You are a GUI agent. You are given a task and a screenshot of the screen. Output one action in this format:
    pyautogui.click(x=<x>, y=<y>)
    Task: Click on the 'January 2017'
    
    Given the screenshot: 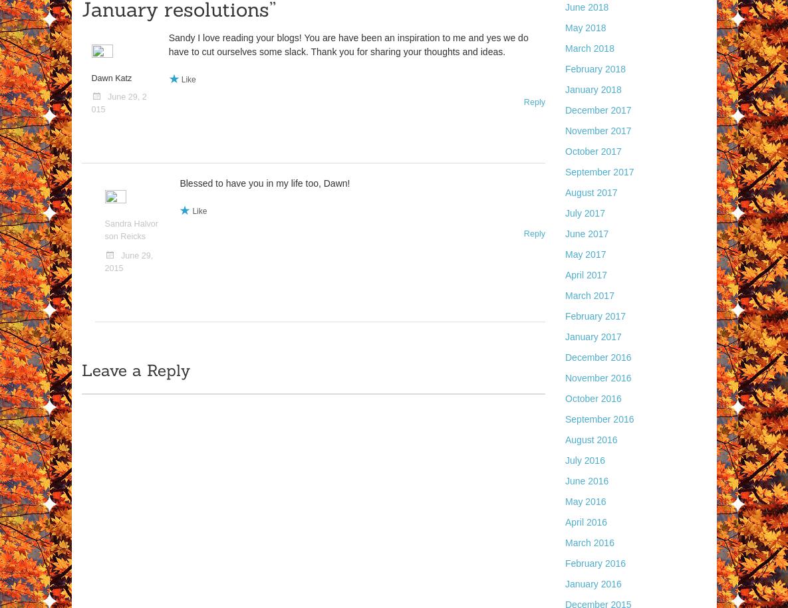 What is the action you would take?
    pyautogui.click(x=592, y=336)
    